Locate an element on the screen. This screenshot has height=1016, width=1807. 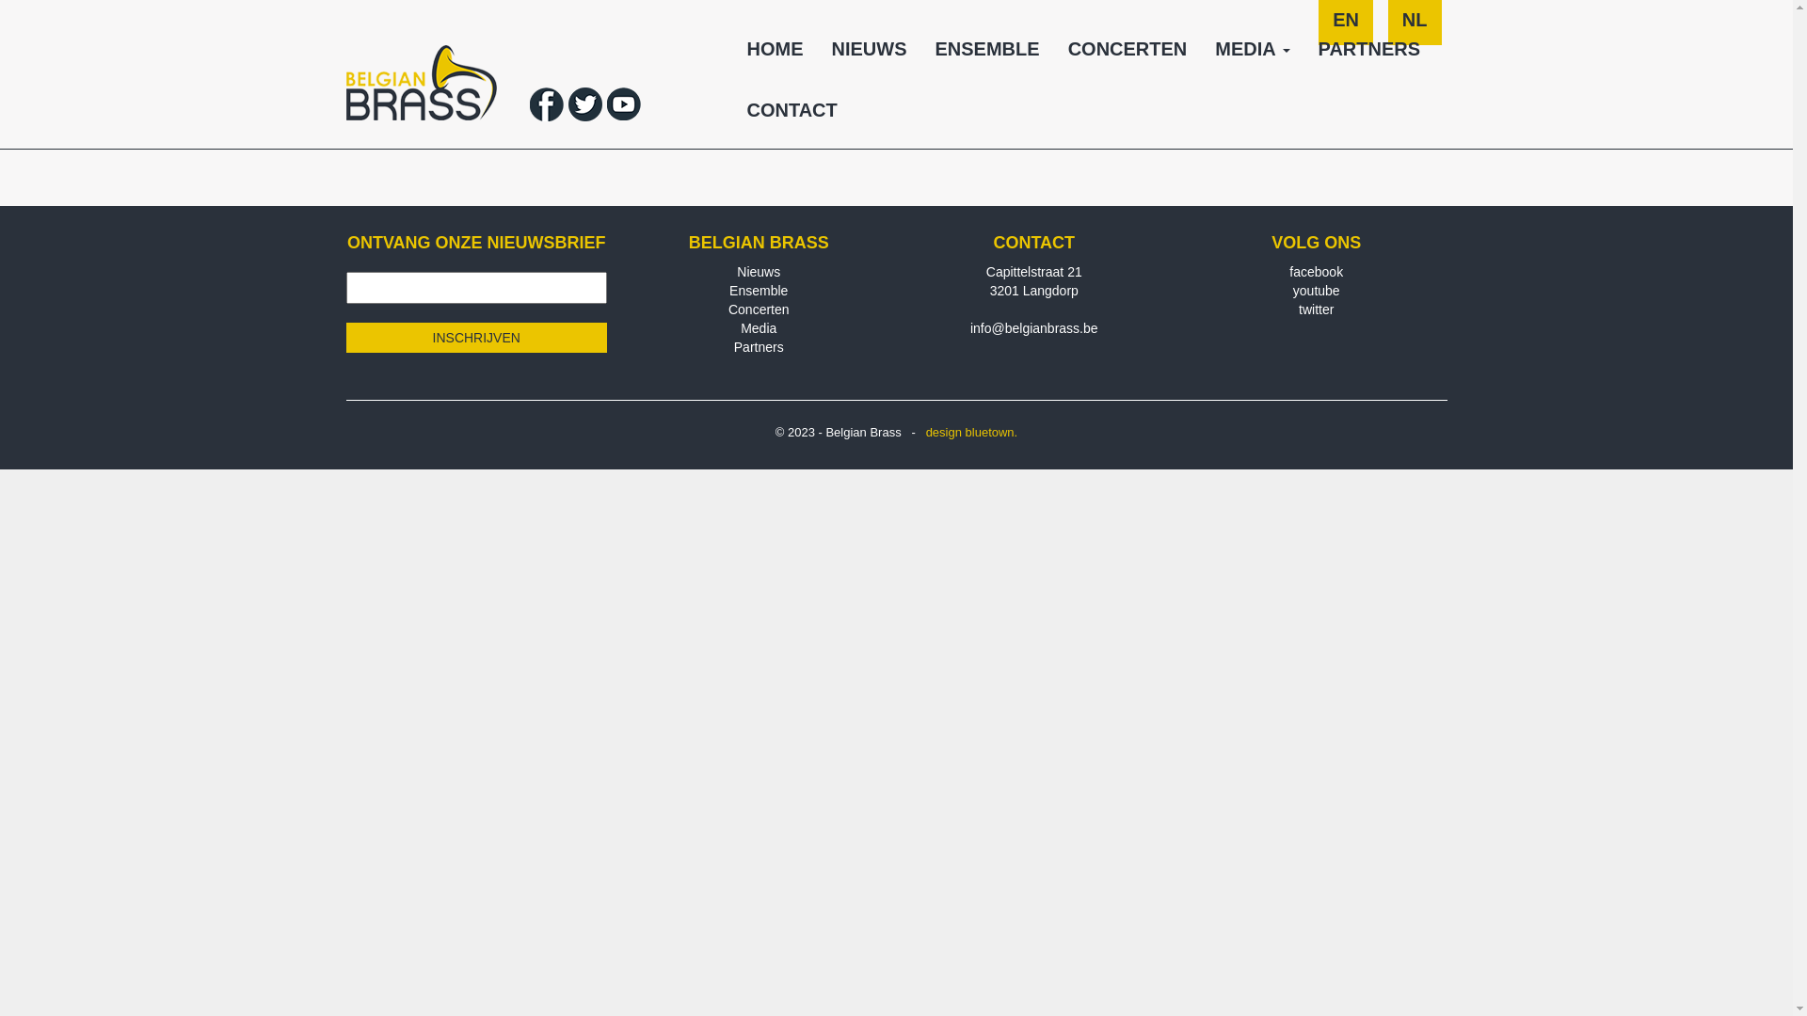
'EN' is located at coordinates (1345, 28).